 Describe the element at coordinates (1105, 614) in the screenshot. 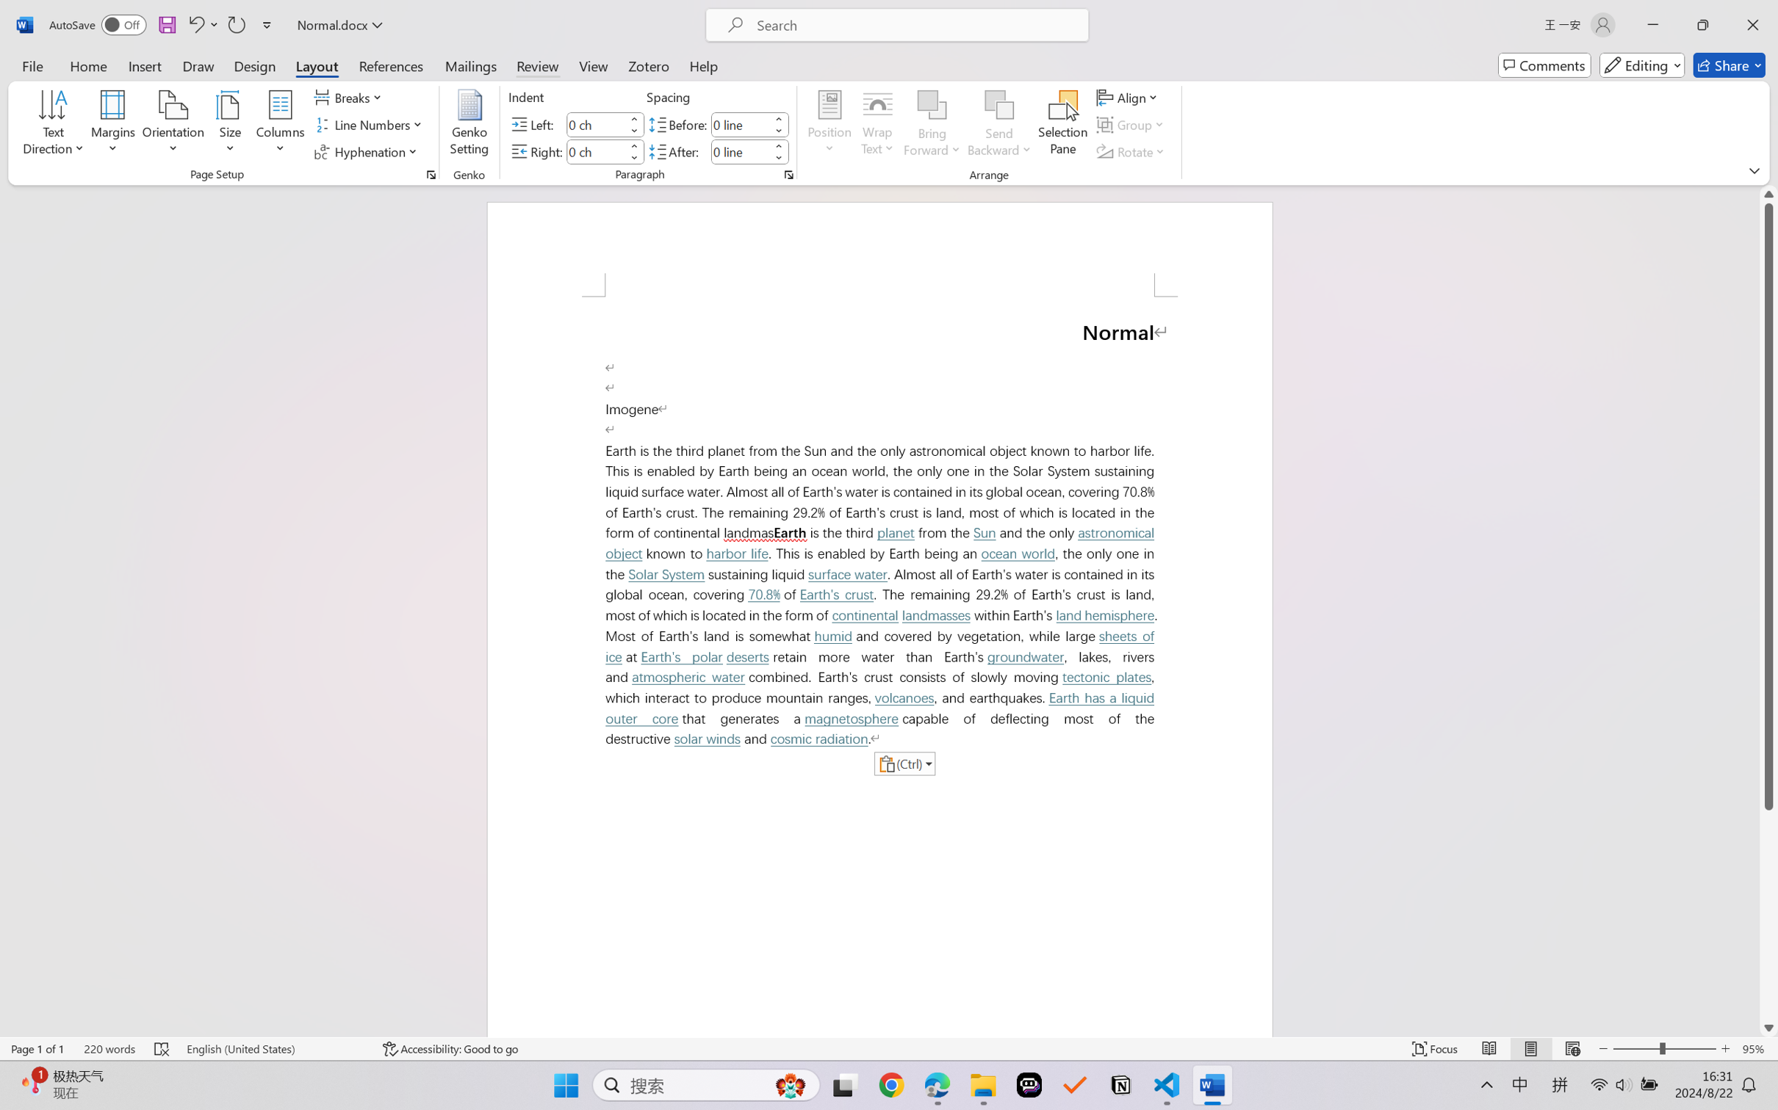

I see `'land hemisphere'` at that location.